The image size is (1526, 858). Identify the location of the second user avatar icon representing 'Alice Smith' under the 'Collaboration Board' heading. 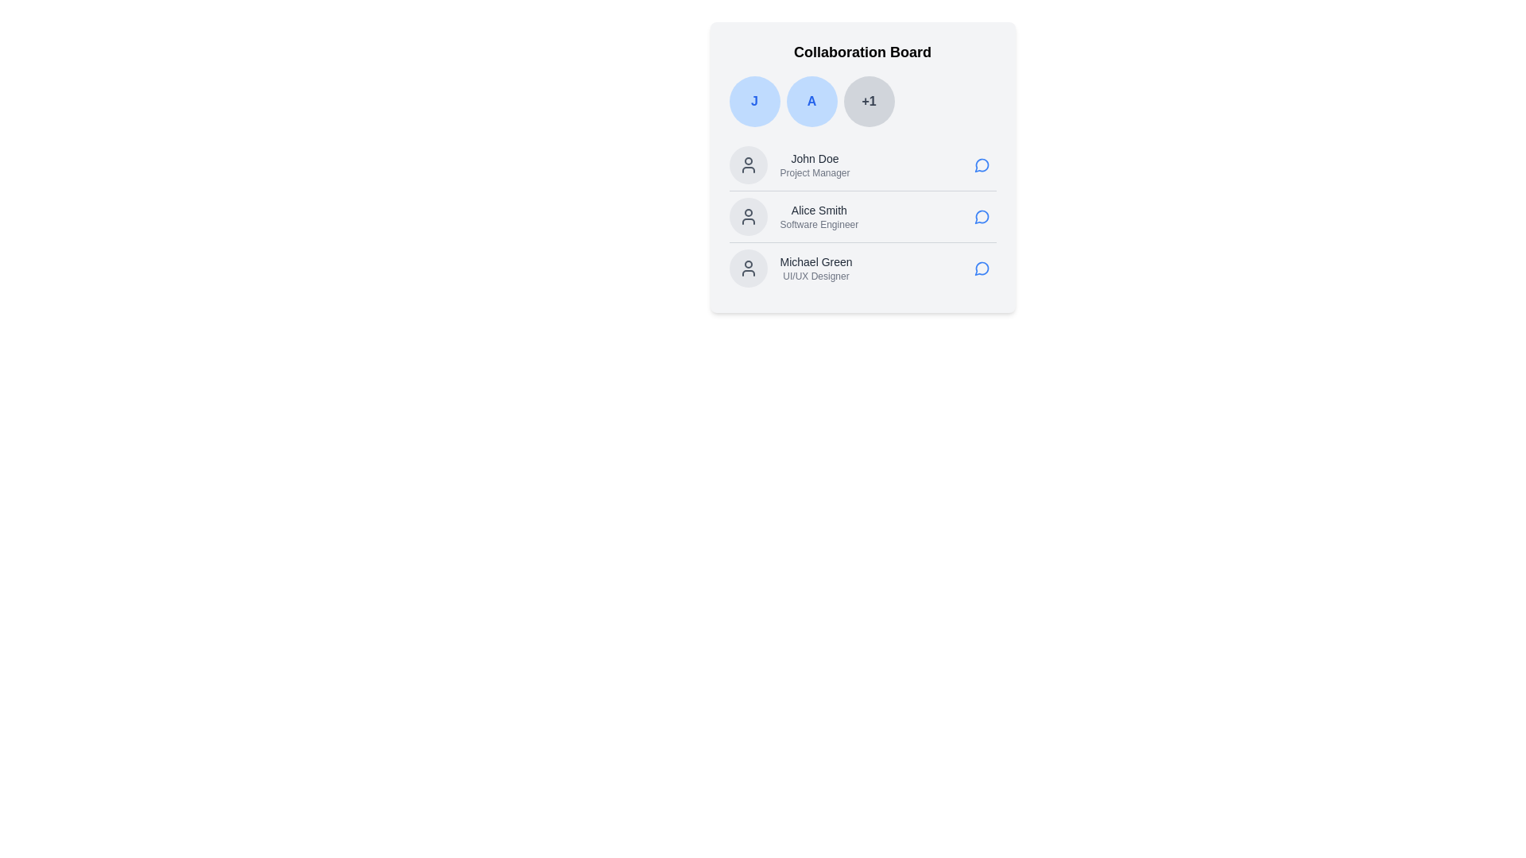
(747, 217).